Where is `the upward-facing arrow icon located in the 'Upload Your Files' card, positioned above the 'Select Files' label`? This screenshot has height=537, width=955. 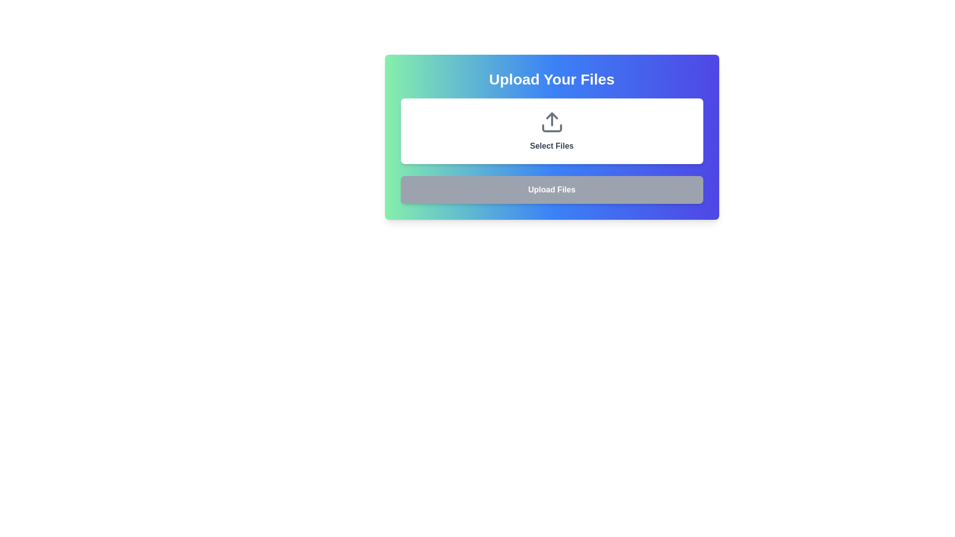
the upward-facing arrow icon located in the 'Upload Your Files' card, positioned above the 'Select Files' label is located at coordinates (551, 122).